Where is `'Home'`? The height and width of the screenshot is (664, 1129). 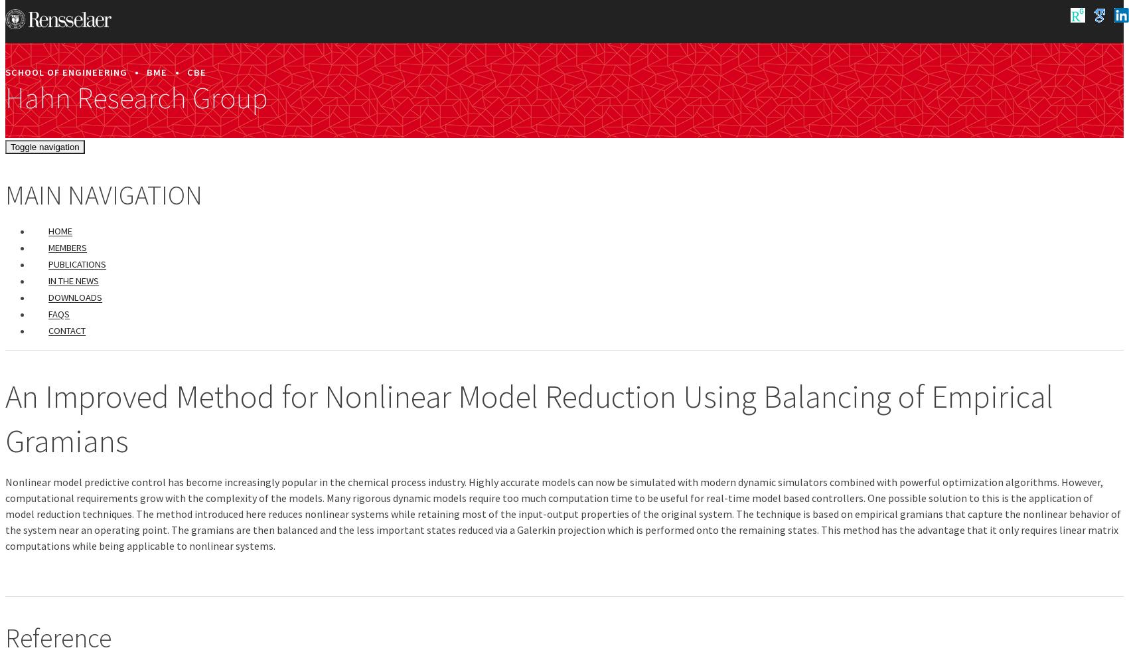
'Home' is located at coordinates (60, 230).